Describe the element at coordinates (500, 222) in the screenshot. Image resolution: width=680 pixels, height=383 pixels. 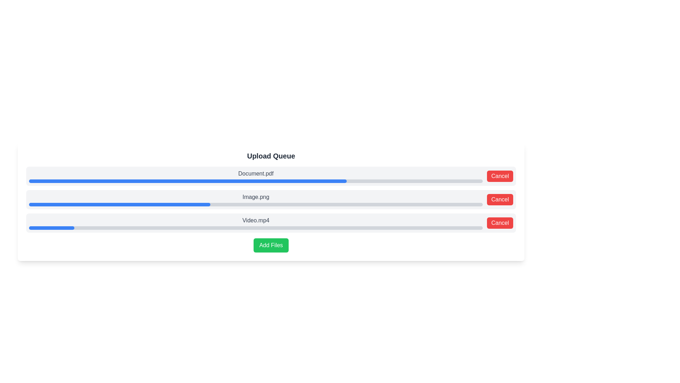
I see `the cancel upload button for the file 'Video.mp4' to observe any hover effects` at that location.